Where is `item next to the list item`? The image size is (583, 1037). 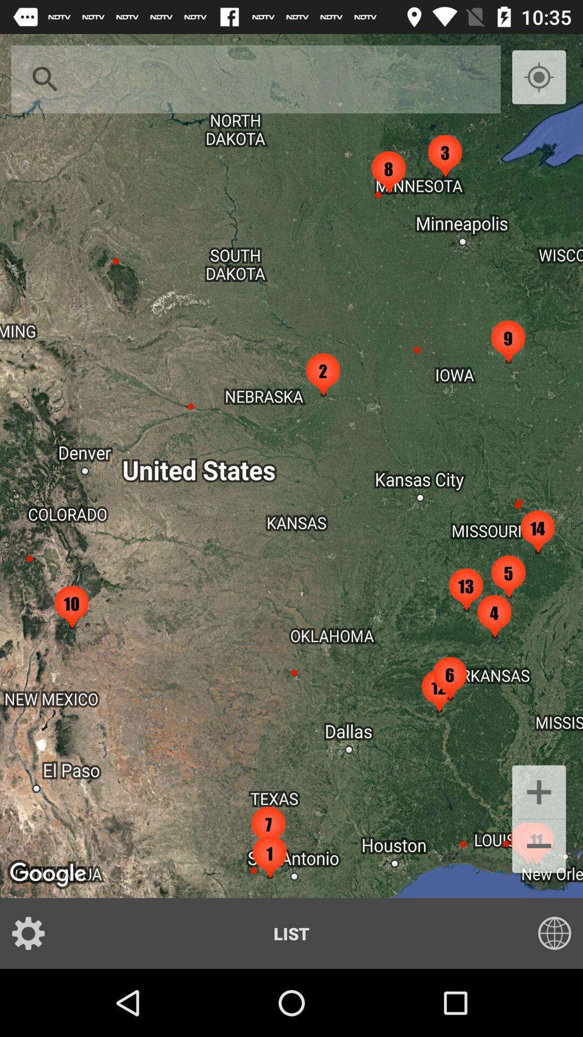 item next to the list item is located at coordinates (547, 933).